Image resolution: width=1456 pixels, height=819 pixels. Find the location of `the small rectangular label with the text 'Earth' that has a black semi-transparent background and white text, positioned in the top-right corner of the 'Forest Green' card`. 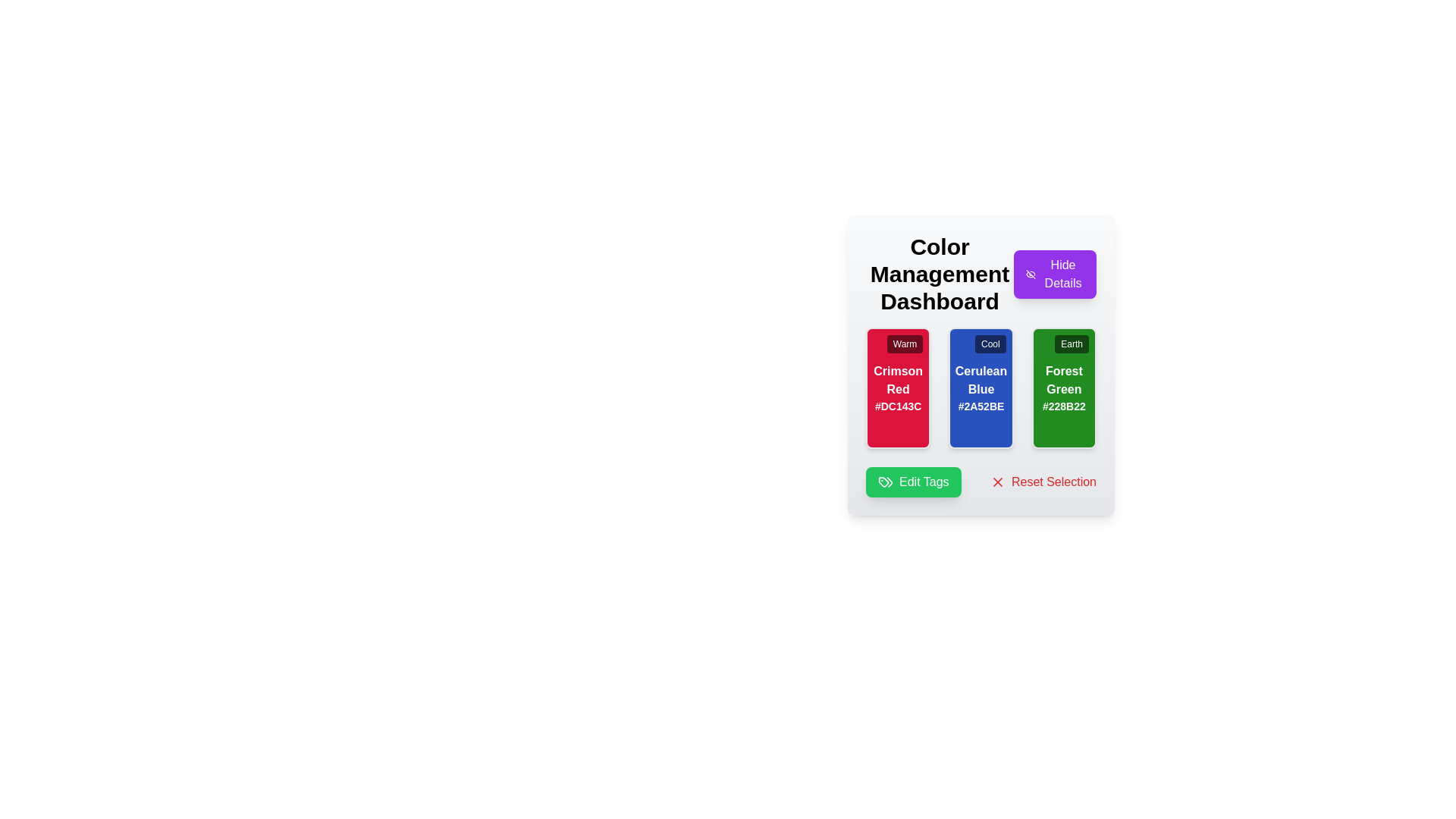

the small rectangular label with the text 'Earth' that has a black semi-transparent background and white text, positioned in the top-right corner of the 'Forest Green' card is located at coordinates (1071, 344).